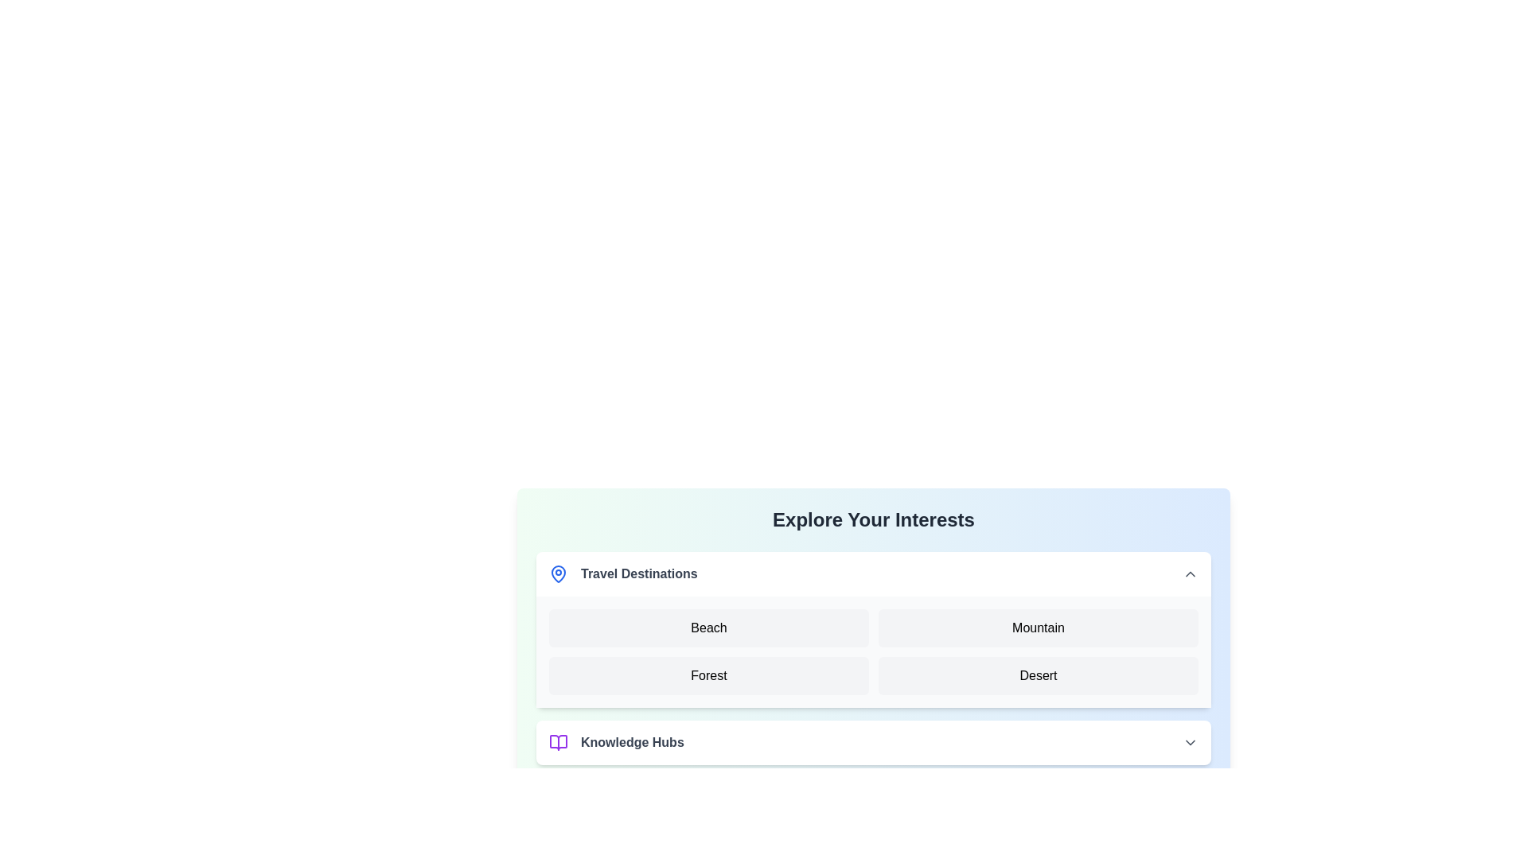 The image size is (1528, 859). What do you see at coordinates (558, 573) in the screenshot?
I see `the blue map pin icon located within the SVG icon at the upper-left region of the 'Travel Destinations' header for visual reference` at bounding box center [558, 573].